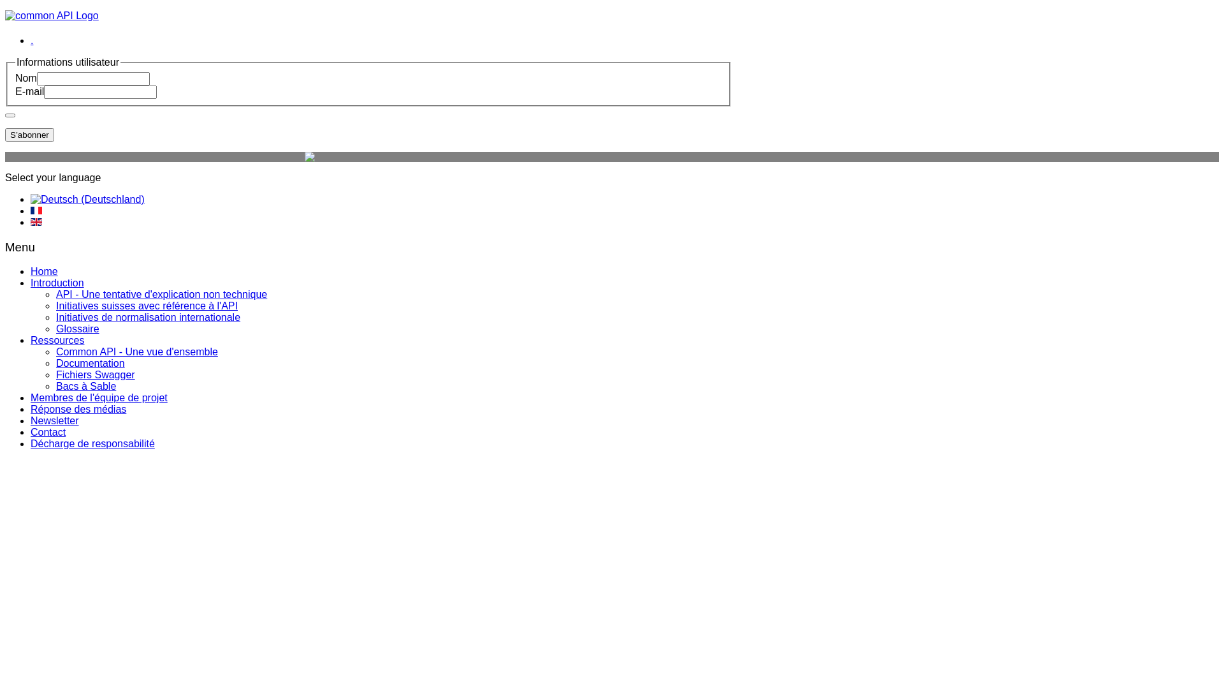 Image resolution: width=1224 pixels, height=689 pixels. I want to click on 'Initiatives de normalisation internationale', so click(148, 316).